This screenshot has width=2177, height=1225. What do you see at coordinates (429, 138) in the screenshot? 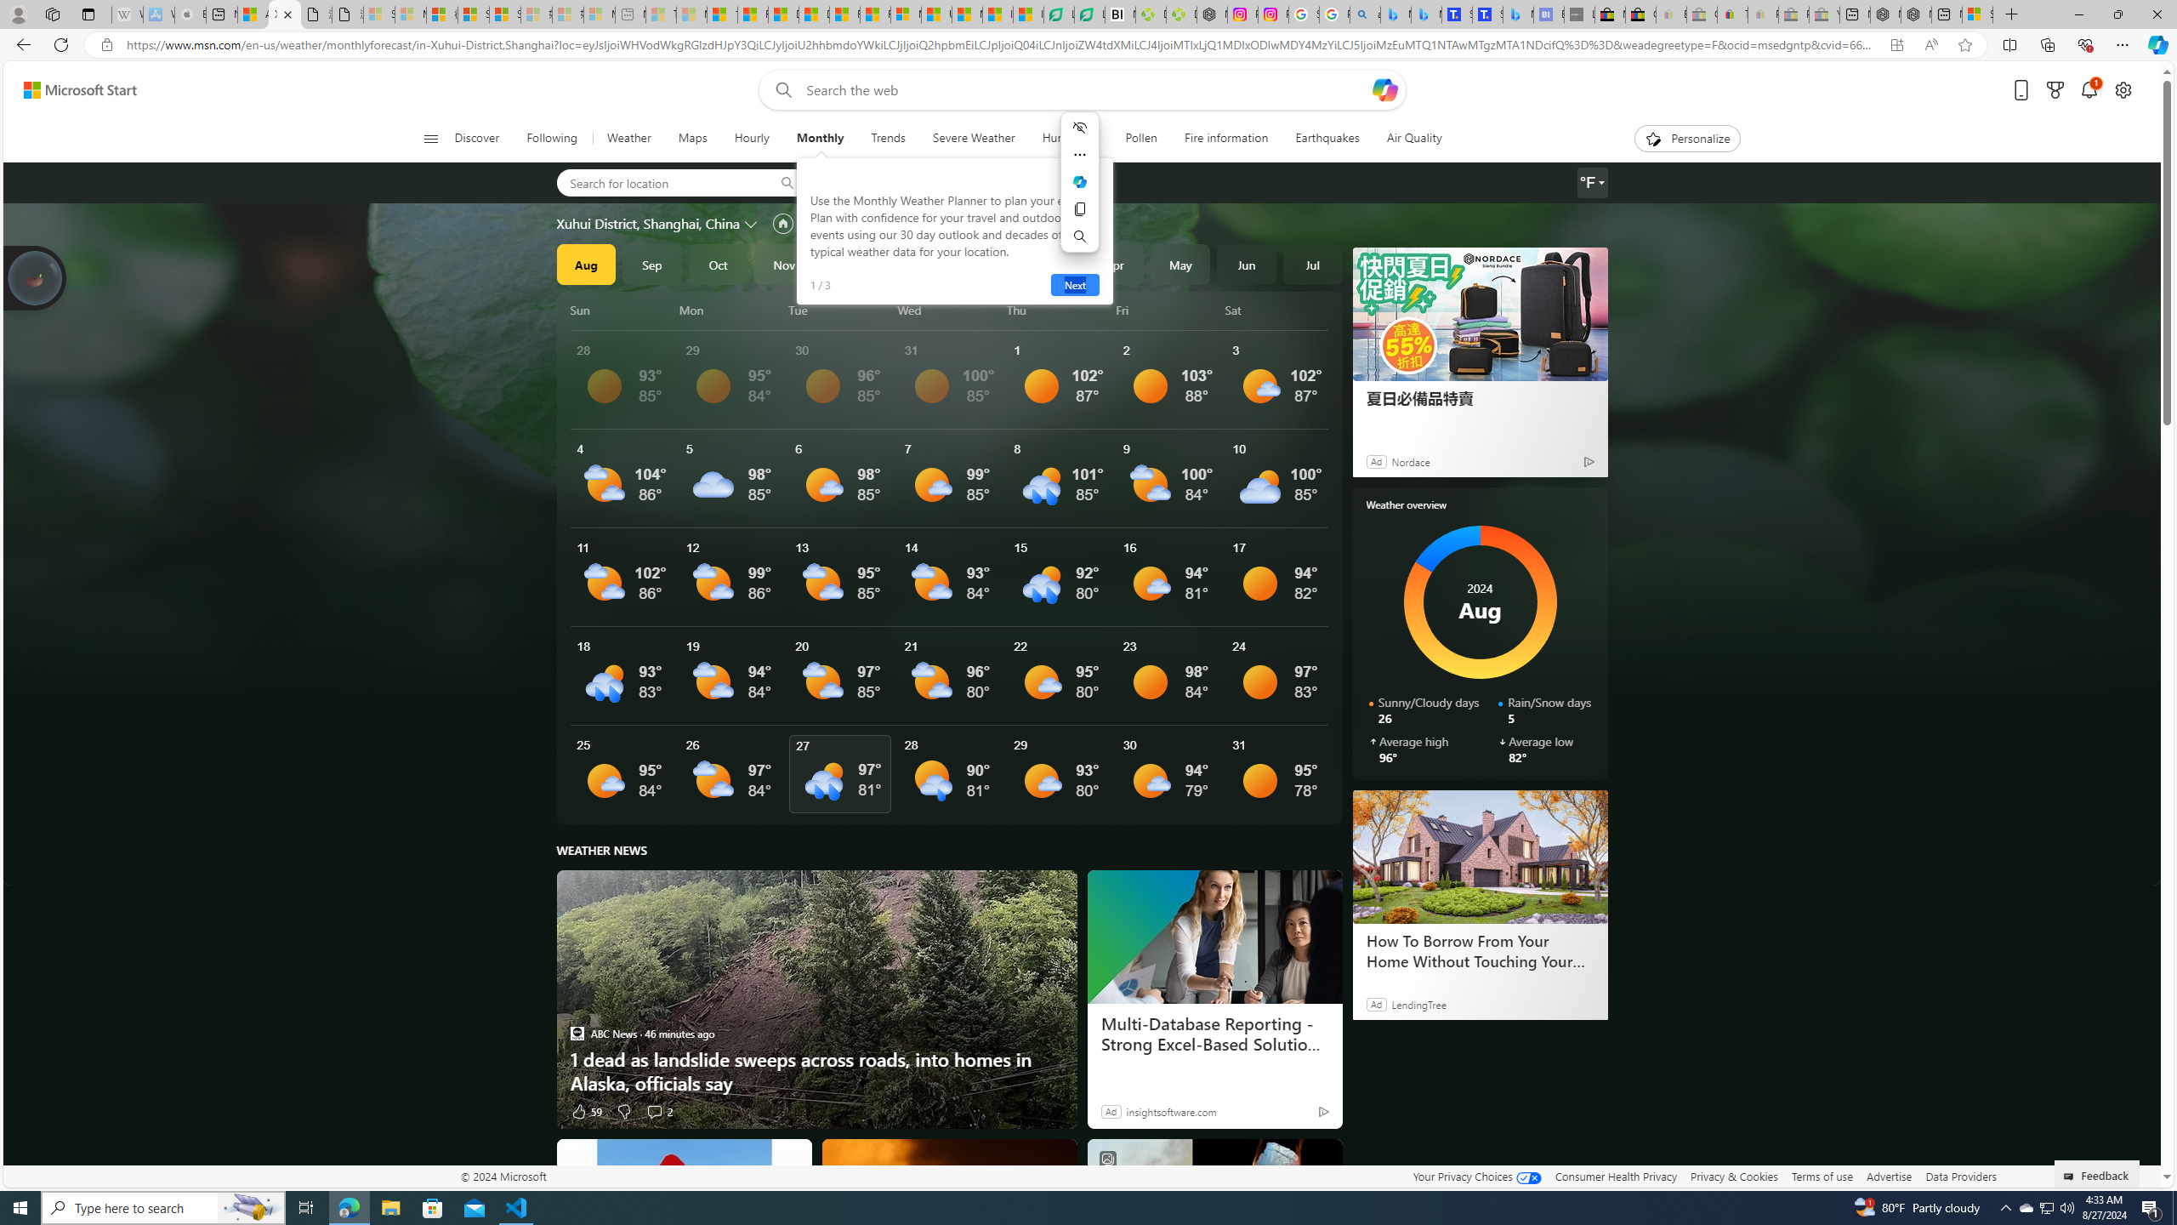
I see `'Class: button-glyph'` at bounding box center [429, 138].